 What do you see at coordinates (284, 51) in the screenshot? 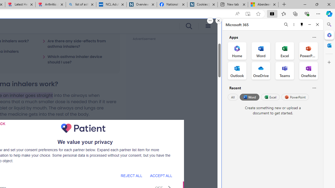
I see `'Excel Office App'` at bounding box center [284, 51].